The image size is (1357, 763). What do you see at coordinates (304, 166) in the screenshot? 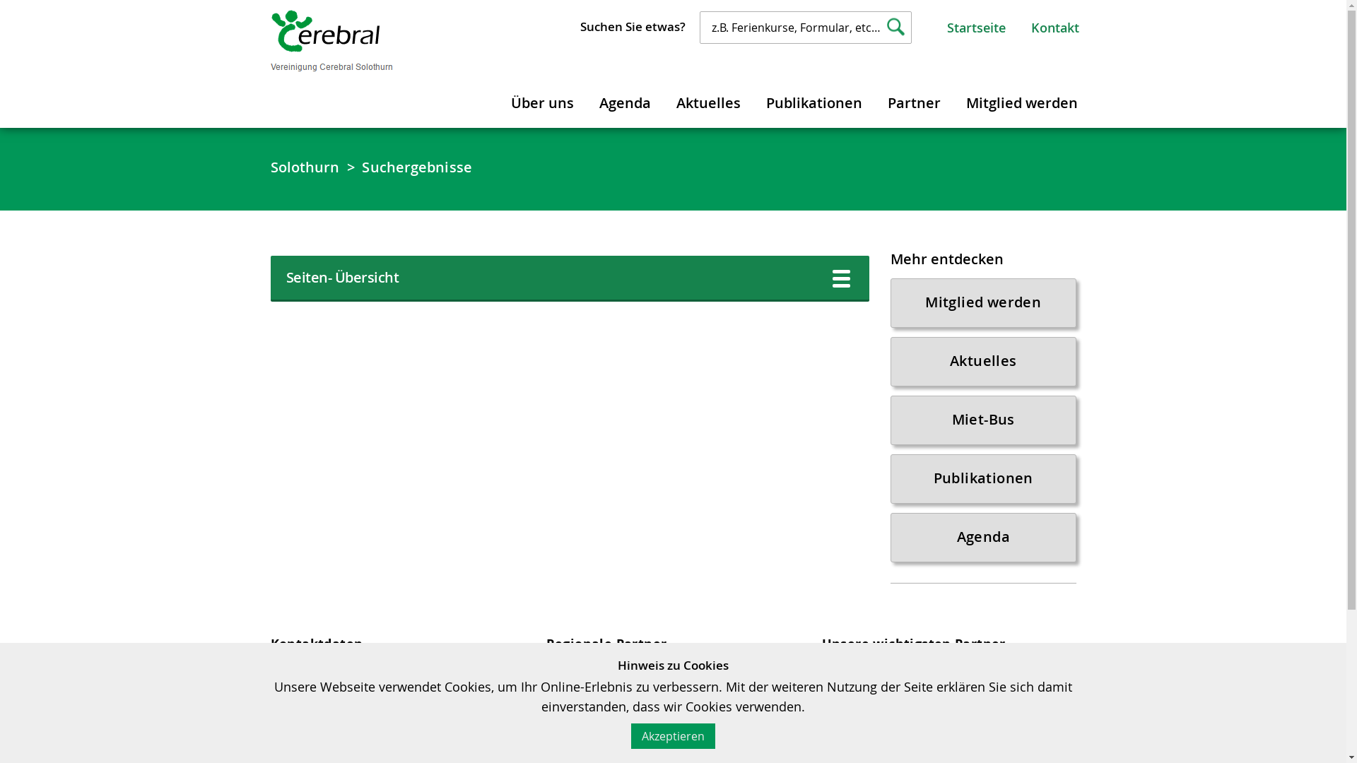
I see `'Solothurn'` at bounding box center [304, 166].